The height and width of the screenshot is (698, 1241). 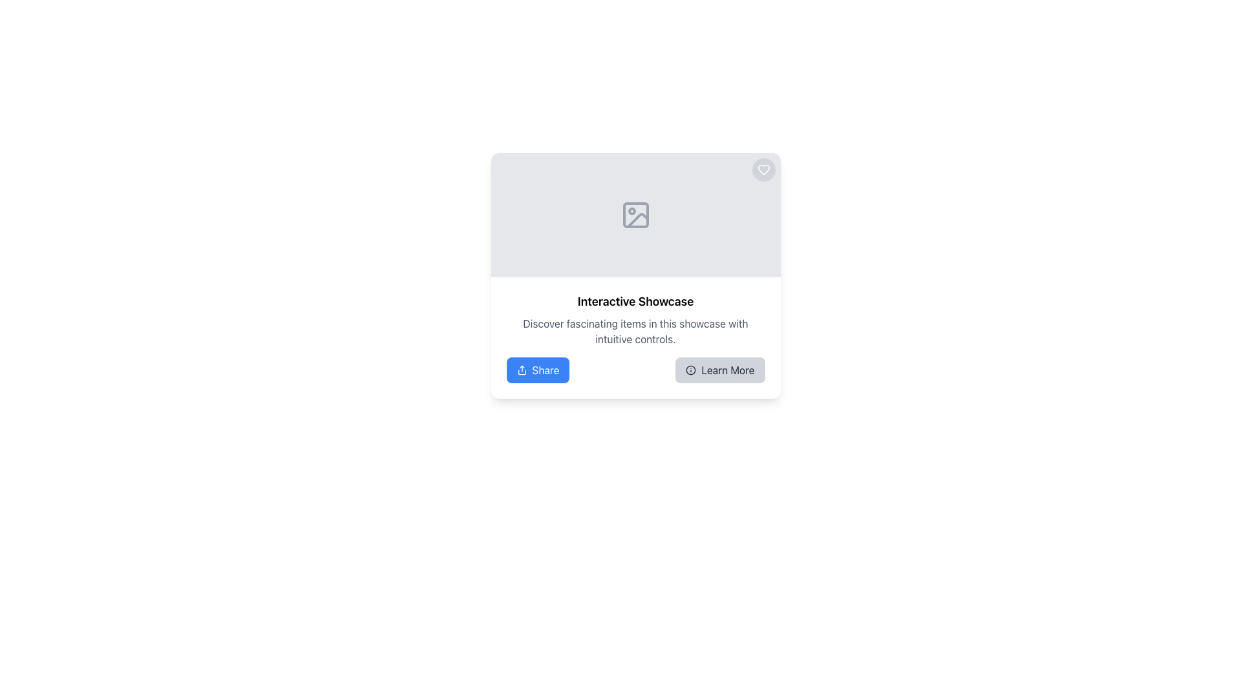 What do you see at coordinates (522, 370) in the screenshot?
I see `the share icon, which is represented by an upward arrow on a blue button labeled 'Share', located in the lower-left corner of the content card` at bounding box center [522, 370].